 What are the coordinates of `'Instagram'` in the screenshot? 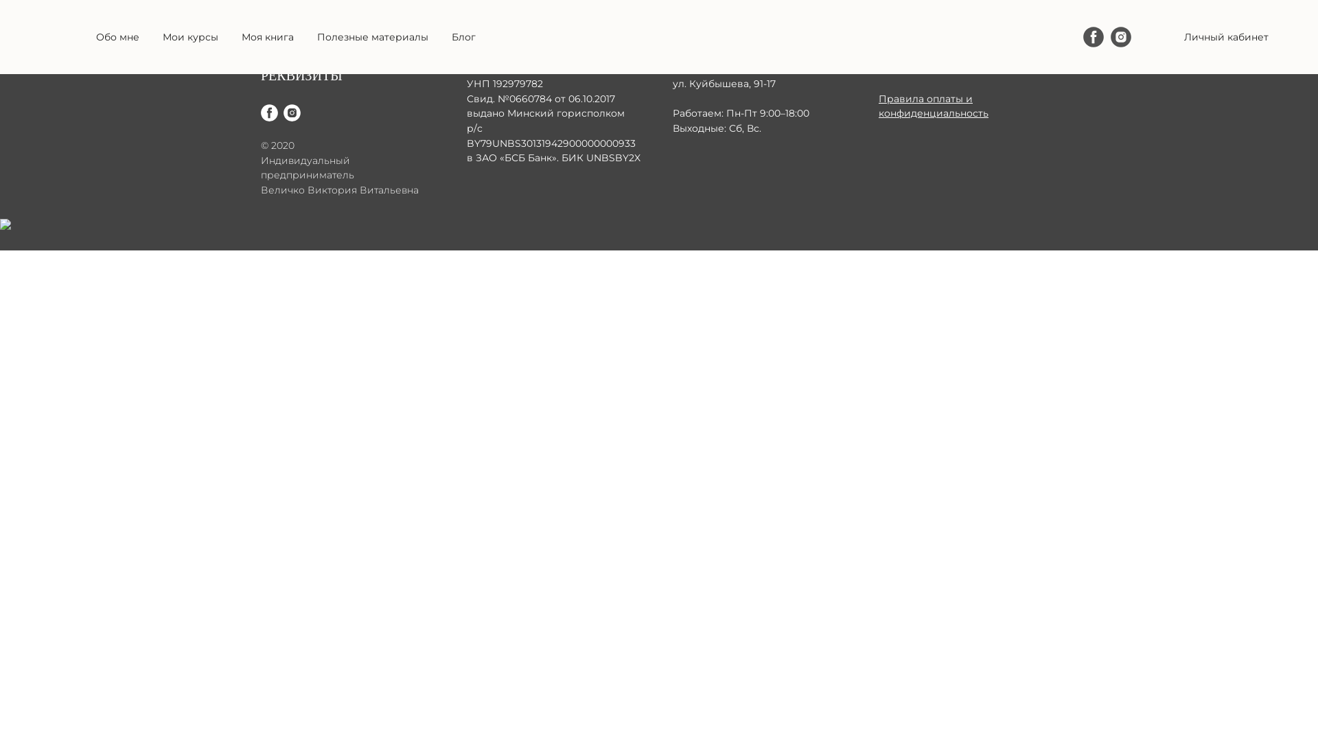 It's located at (1132, 34).